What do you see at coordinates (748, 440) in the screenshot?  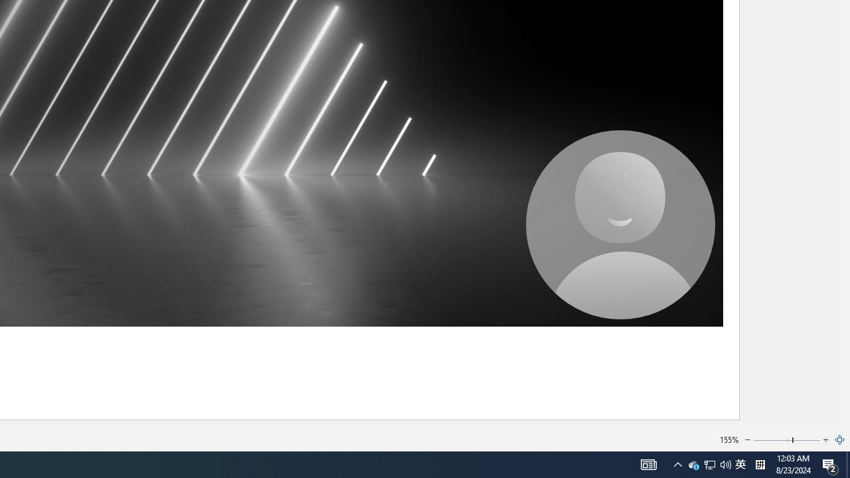 I see `'Zoom Out'` at bounding box center [748, 440].